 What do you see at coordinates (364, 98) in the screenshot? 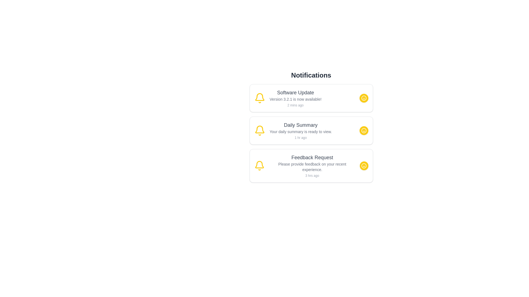
I see `the smiley button for the notification titled 'Software Update'` at bounding box center [364, 98].